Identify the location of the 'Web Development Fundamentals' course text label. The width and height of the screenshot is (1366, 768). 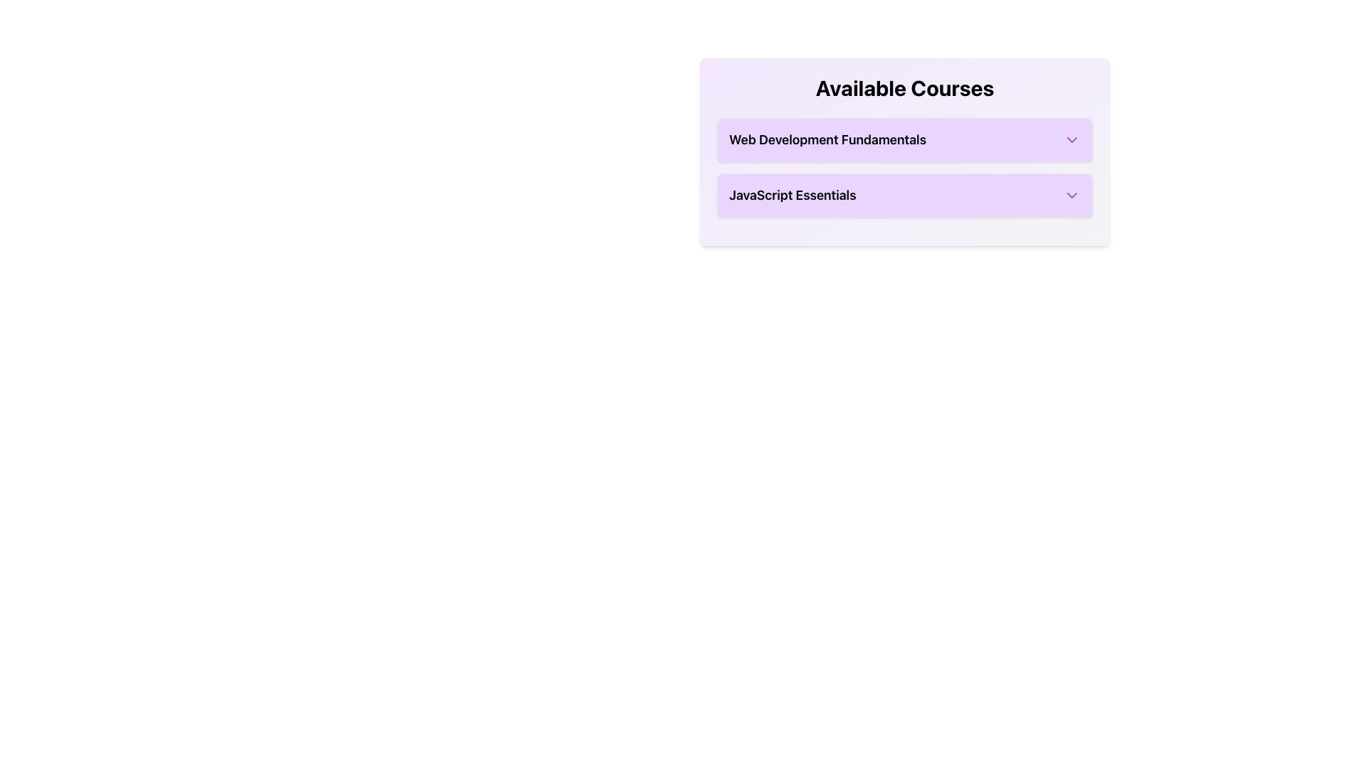
(827, 139).